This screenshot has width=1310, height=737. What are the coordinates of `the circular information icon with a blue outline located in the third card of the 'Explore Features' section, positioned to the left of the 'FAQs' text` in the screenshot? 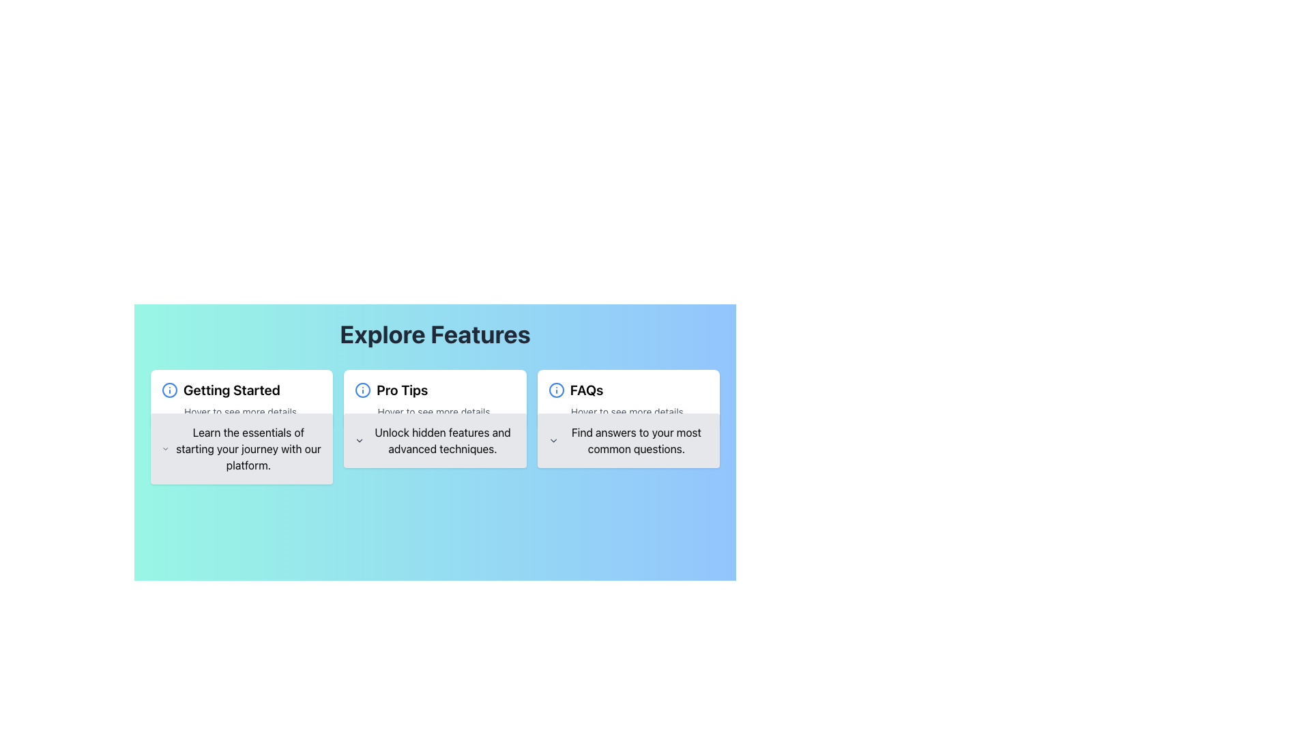 It's located at (556, 390).